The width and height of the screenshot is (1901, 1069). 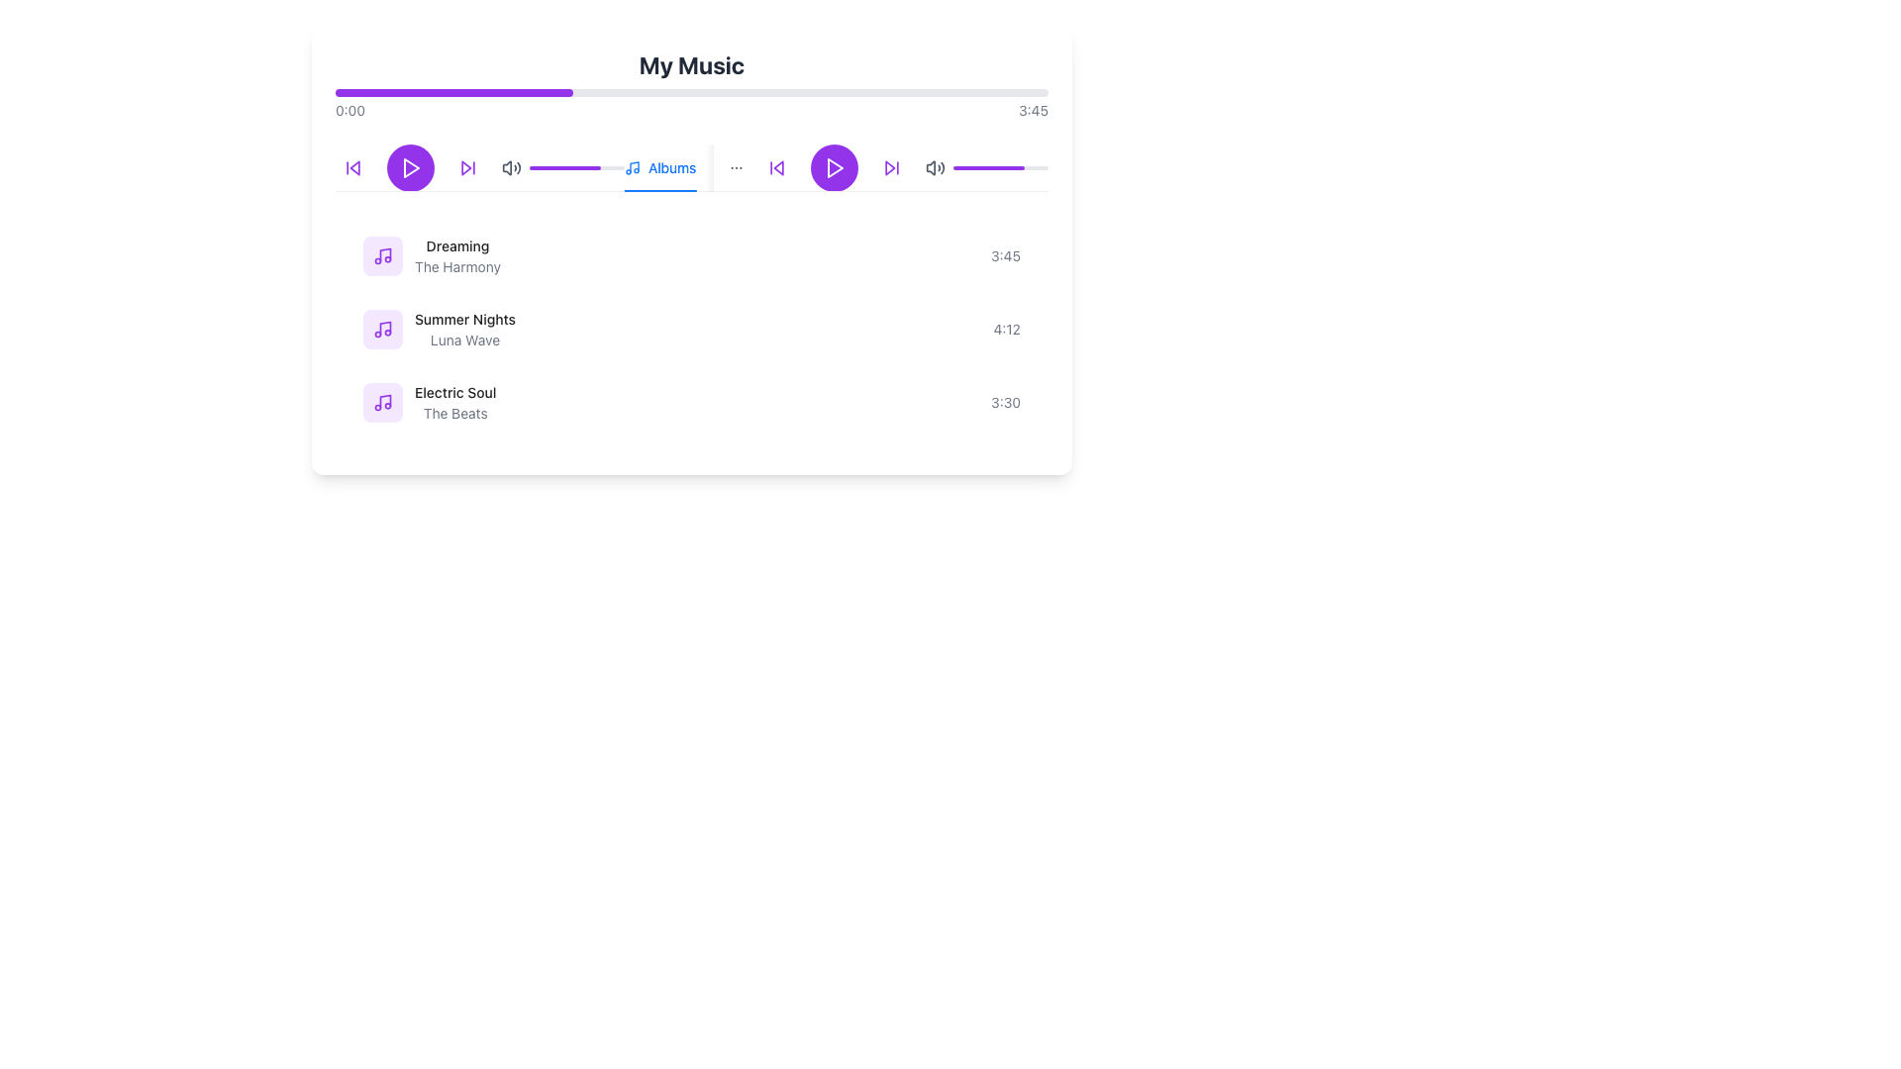 What do you see at coordinates (352, 166) in the screenshot?
I see `the back-skip button located to the left of the large circular play button in the music player interface` at bounding box center [352, 166].